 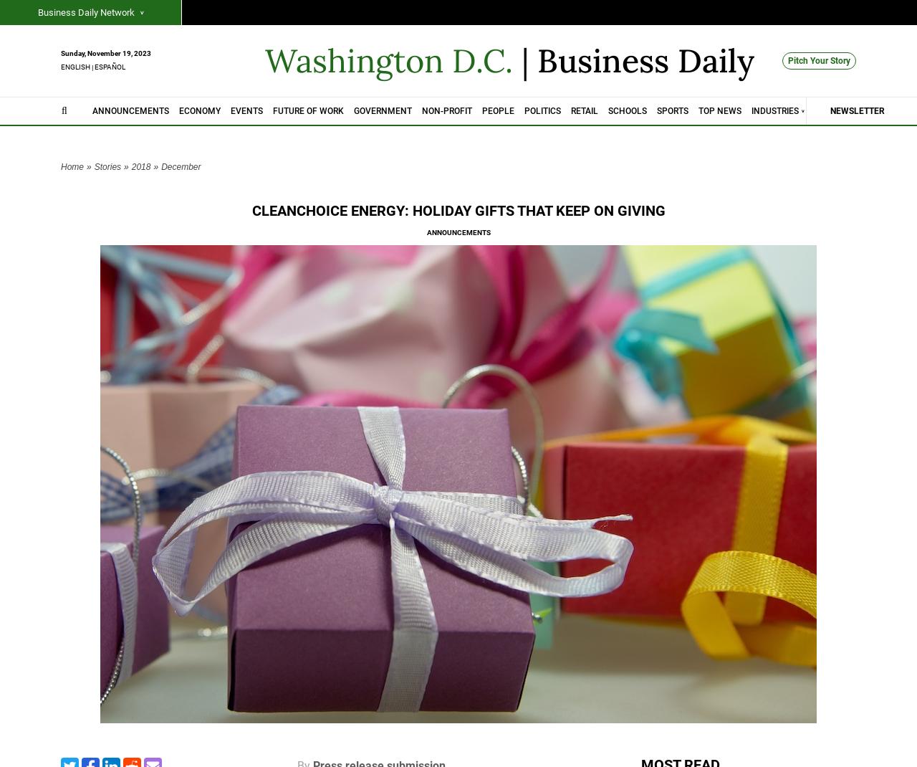 I want to click on 'Home', so click(x=71, y=166).